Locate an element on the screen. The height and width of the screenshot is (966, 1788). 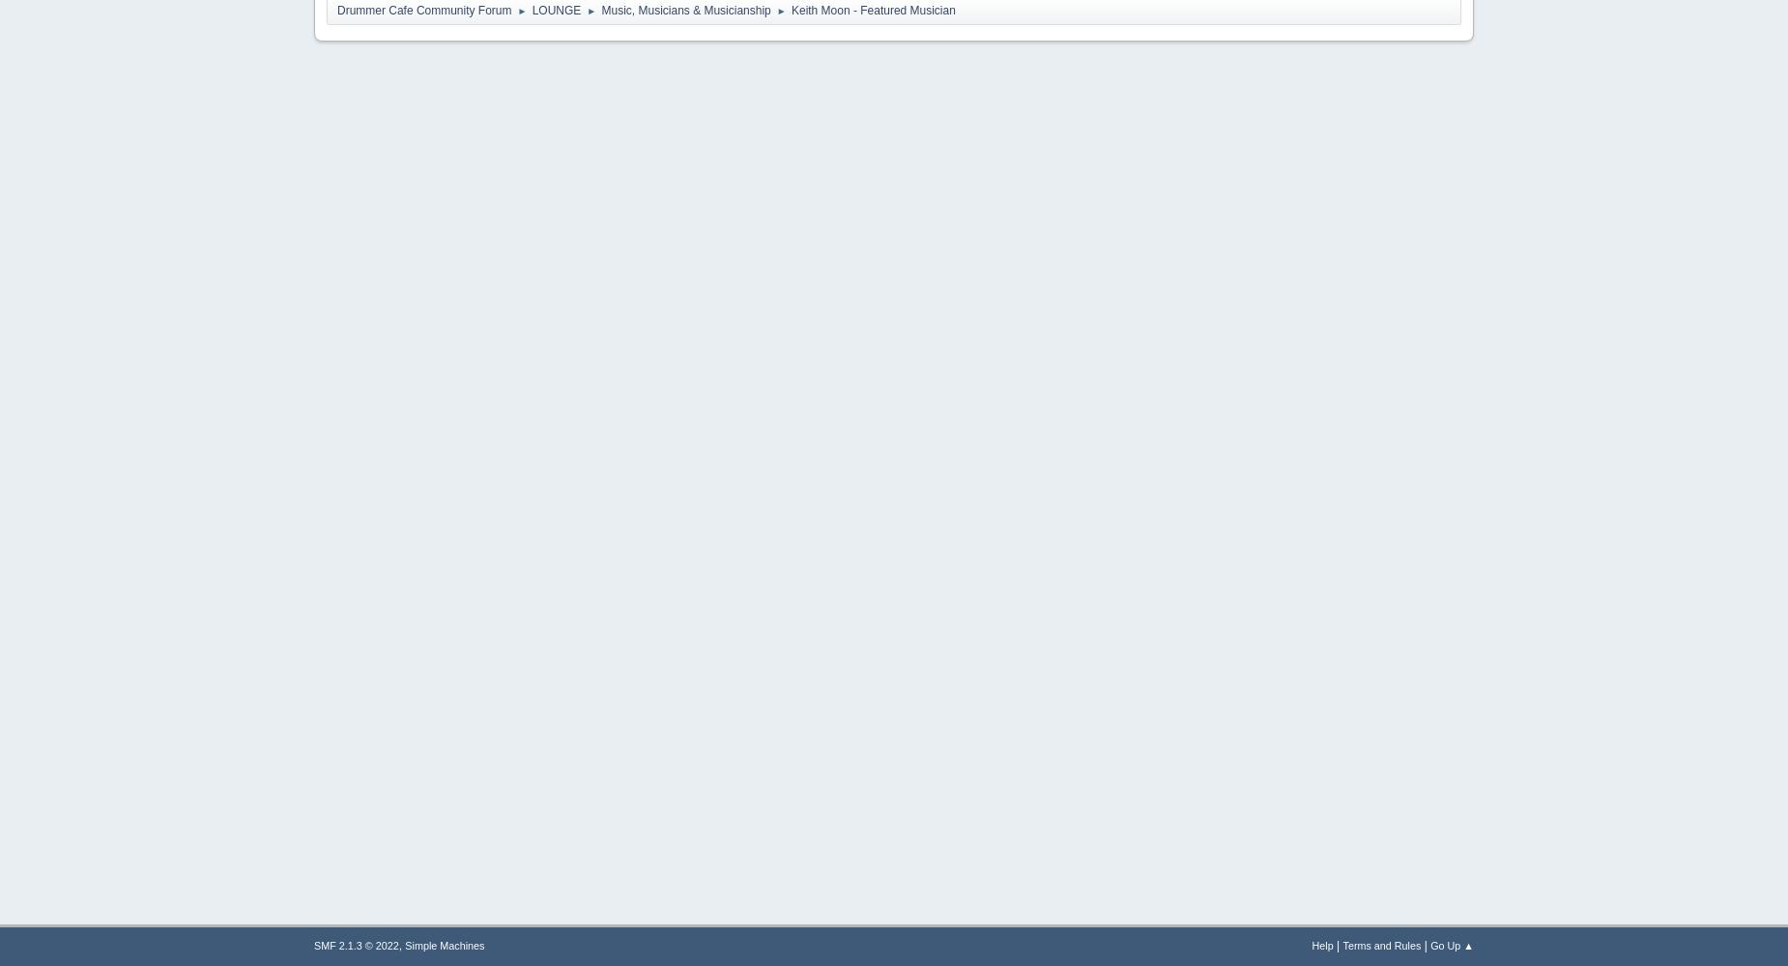
'Terms and Rules' is located at coordinates (1381, 945).